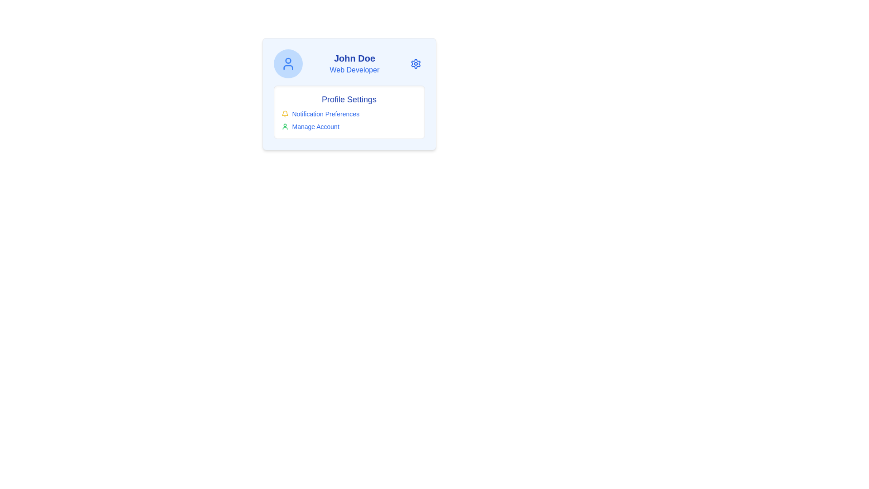 The width and height of the screenshot is (869, 489). I want to click on the text label for notification settings located in the middle section of the profile settings interface, under the 'Profile Settings' heading and above the 'Manage Account' option, so click(349, 113).